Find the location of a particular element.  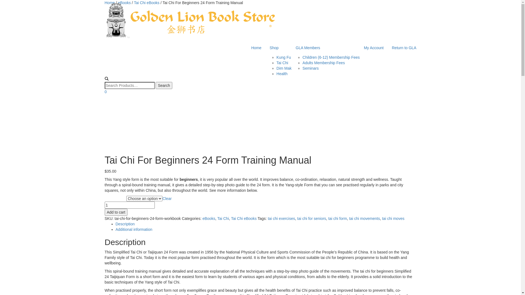

'Dim Mak' is located at coordinates (284, 68).